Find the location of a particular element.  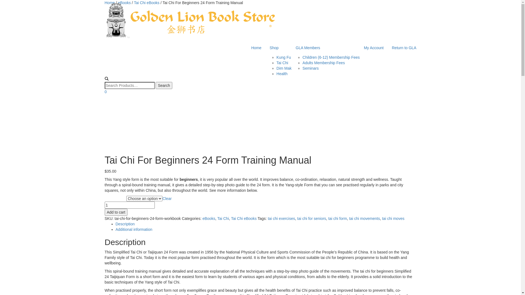

'Dim Mak' is located at coordinates (284, 68).